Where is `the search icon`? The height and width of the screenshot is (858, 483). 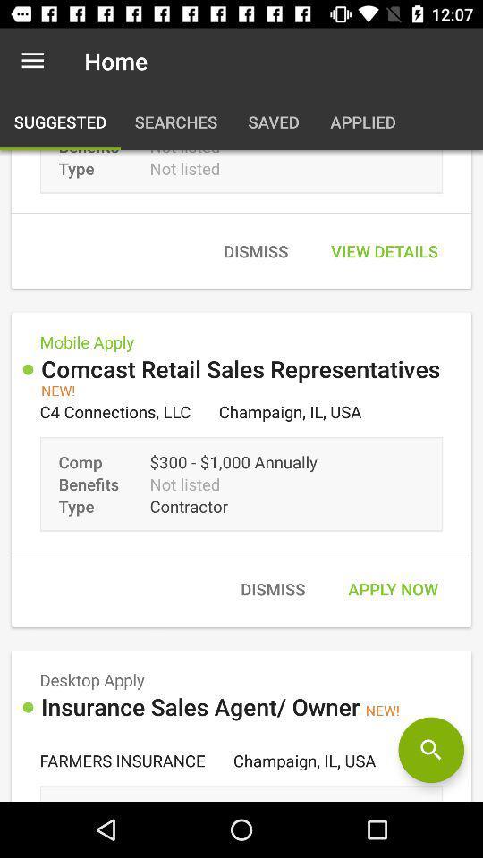 the search icon is located at coordinates (430, 750).